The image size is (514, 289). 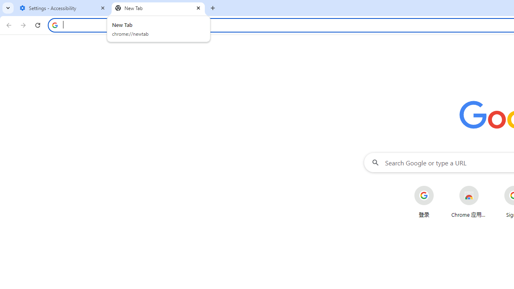 What do you see at coordinates (158, 8) in the screenshot?
I see `'New Tab'` at bounding box center [158, 8].